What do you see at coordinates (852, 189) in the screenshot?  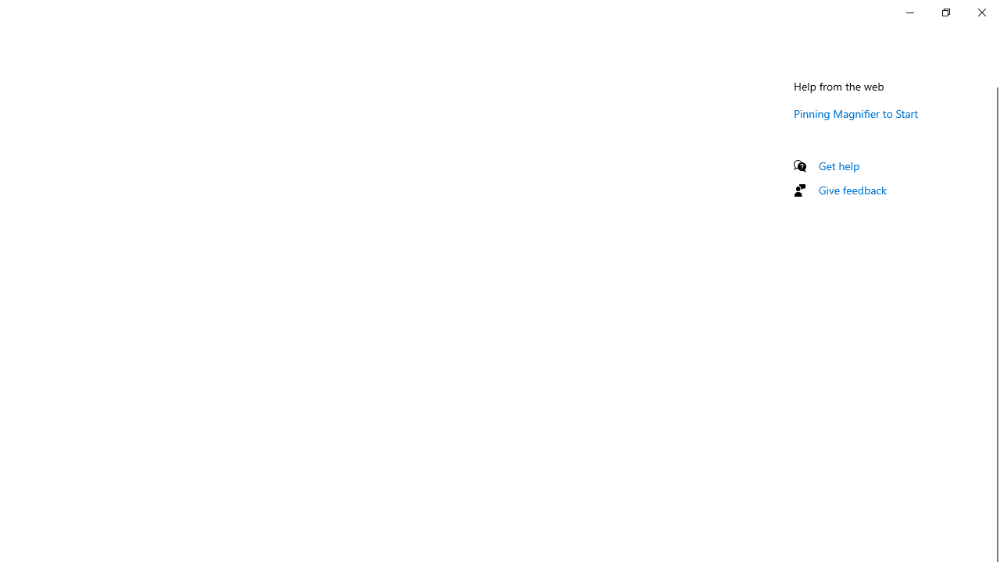 I see `'Give feedback'` at bounding box center [852, 189].